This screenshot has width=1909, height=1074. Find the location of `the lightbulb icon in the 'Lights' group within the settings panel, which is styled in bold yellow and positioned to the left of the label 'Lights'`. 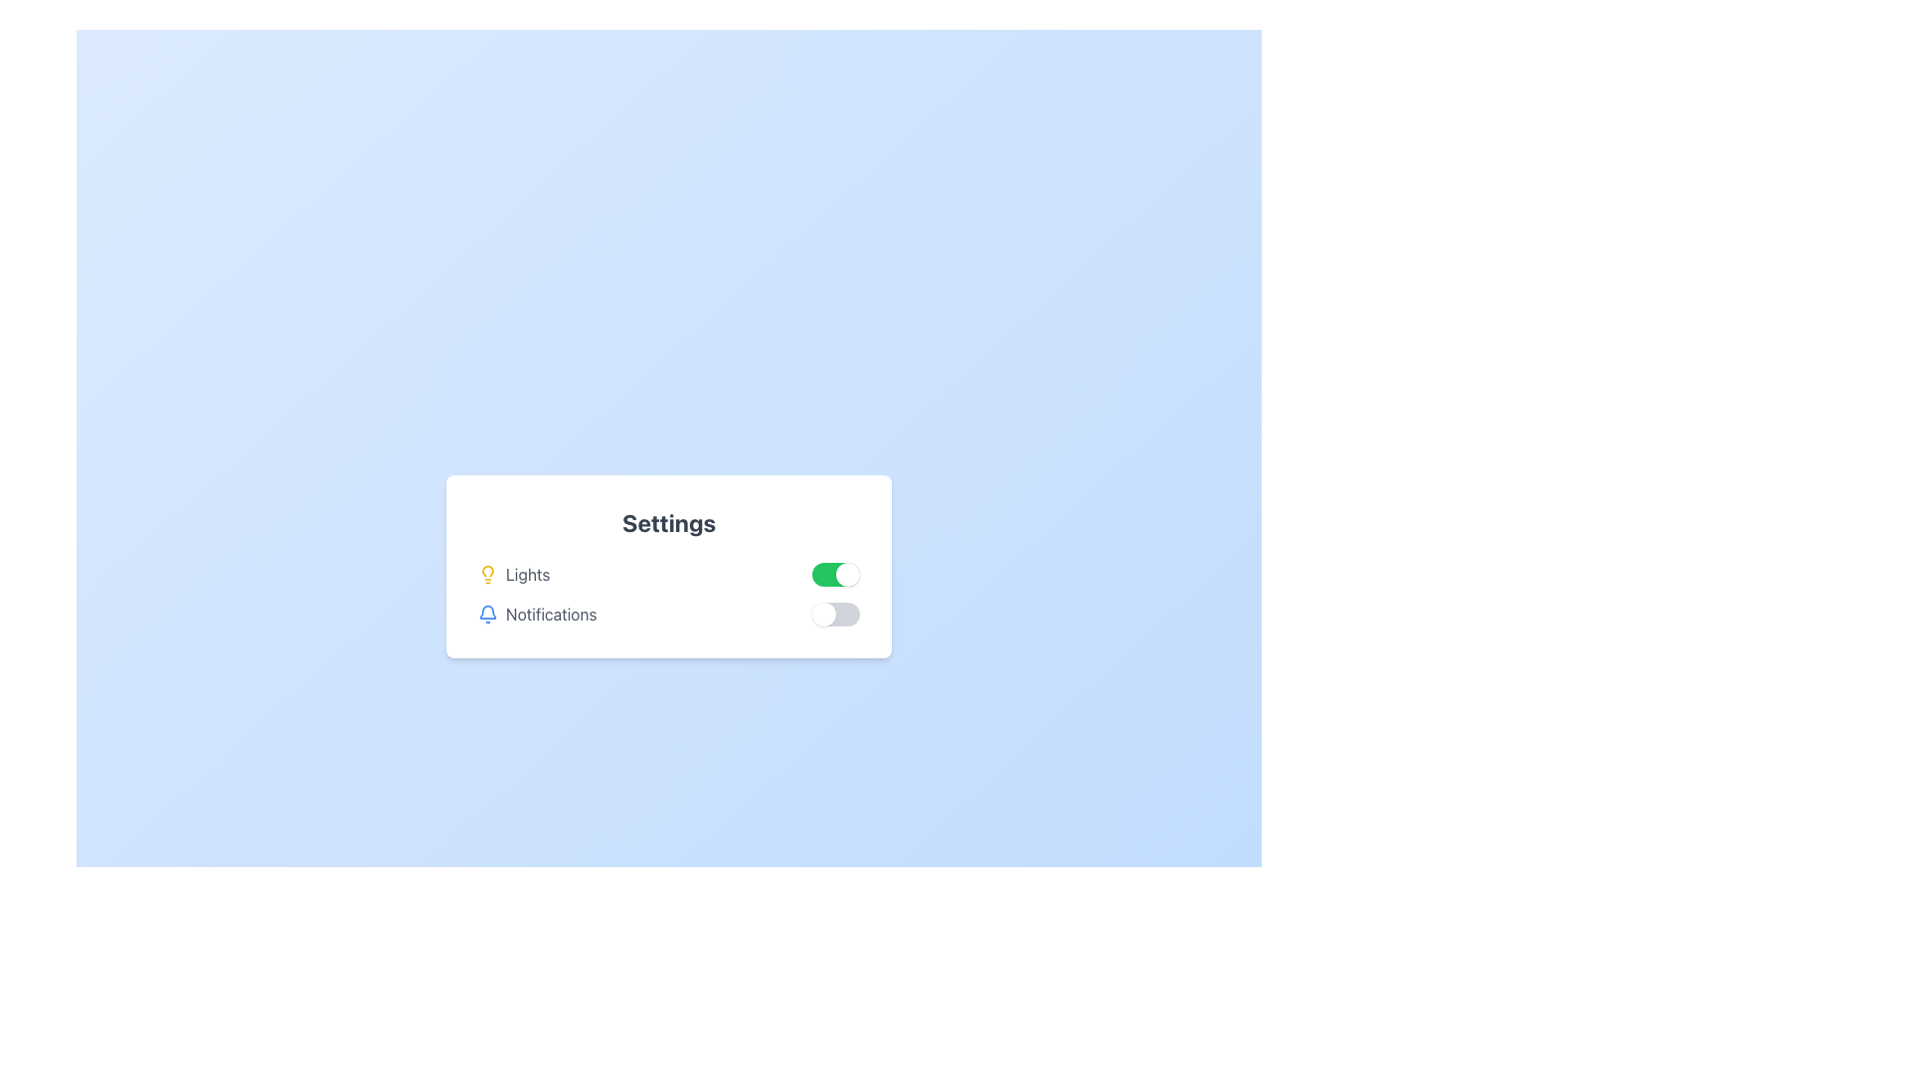

the lightbulb icon in the 'Lights' group within the settings panel, which is styled in bold yellow and positioned to the left of the label 'Lights' is located at coordinates (487, 575).